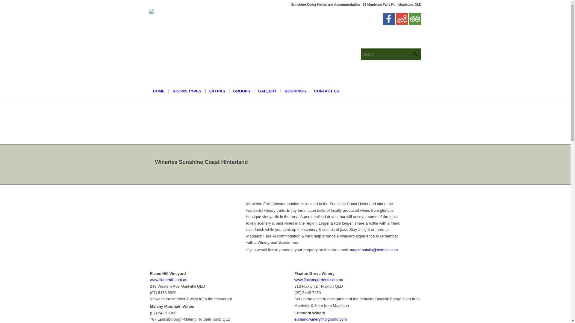 The width and height of the screenshot is (575, 323). What do you see at coordinates (320, 319) in the screenshot?
I see `'eumundiwinery@bigpond.com'` at bounding box center [320, 319].